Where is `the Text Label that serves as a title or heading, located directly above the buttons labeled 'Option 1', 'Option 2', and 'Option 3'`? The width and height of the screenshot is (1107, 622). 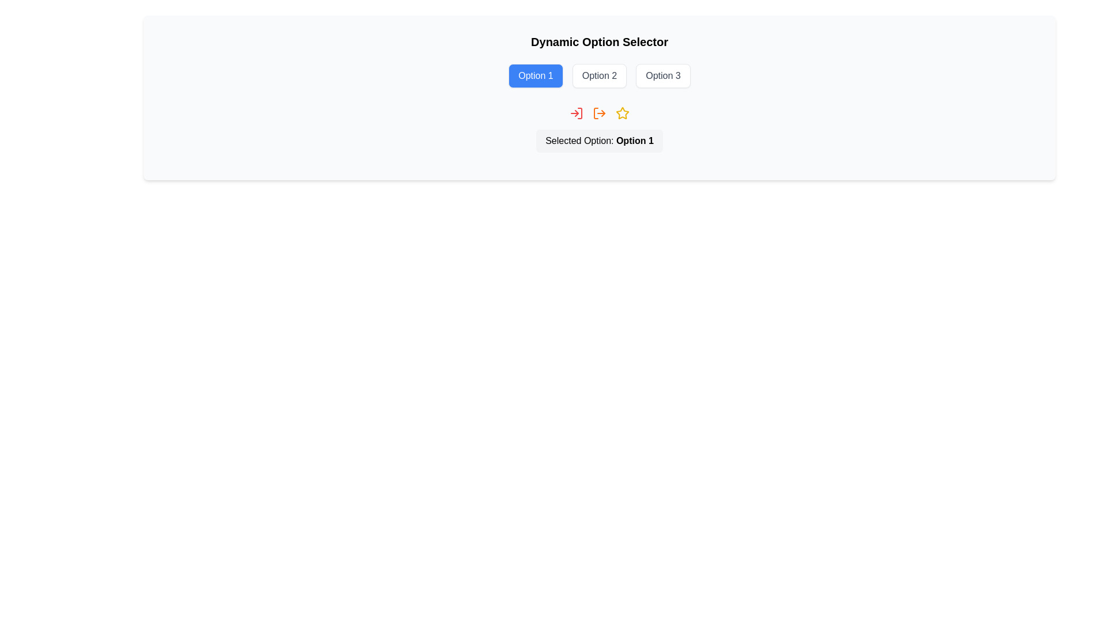
the Text Label that serves as a title or heading, located directly above the buttons labeled 'Option 1', 'Option 2', and 'Option 3' is located at coordinates (600, 41).